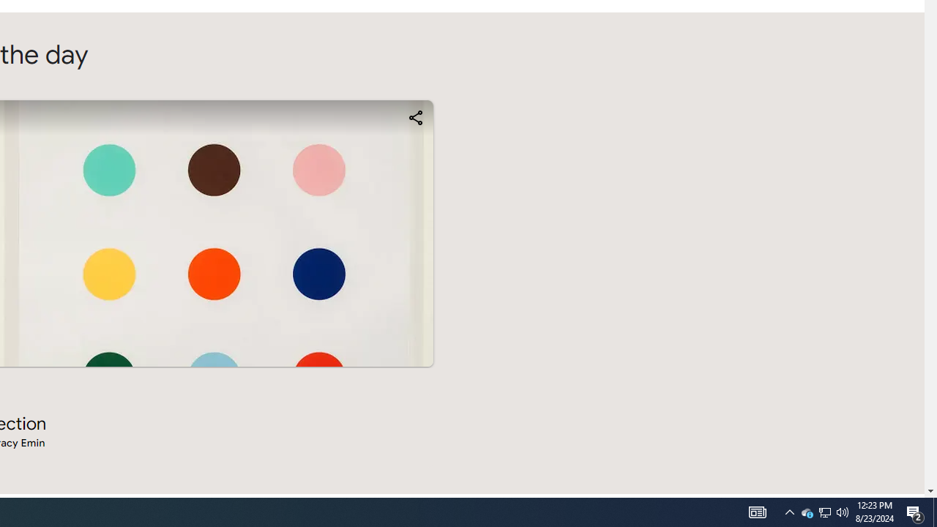 Image resolution: width=937 pixels, height=527 pixels. What do you see at coordinates (414, 116) in the screenshot?
I see `'Share "Get to Know the Young British Artists"'` at bounding box center [414, 116].